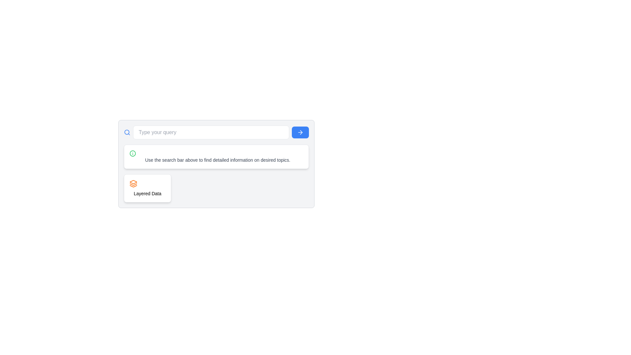  What do you see at coordinates (133, 184) in the screenshot?
I see `the orange icon resembling layered sheets or files, located in the 'Layered Data' section` at bounding box center [133, 184].